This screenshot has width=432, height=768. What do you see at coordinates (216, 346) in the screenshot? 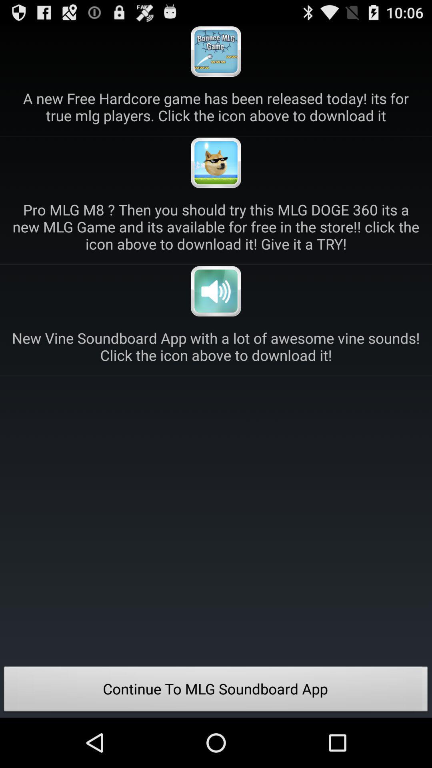
I see `the new vine soundboard icon` at bounding box center [216, 346].